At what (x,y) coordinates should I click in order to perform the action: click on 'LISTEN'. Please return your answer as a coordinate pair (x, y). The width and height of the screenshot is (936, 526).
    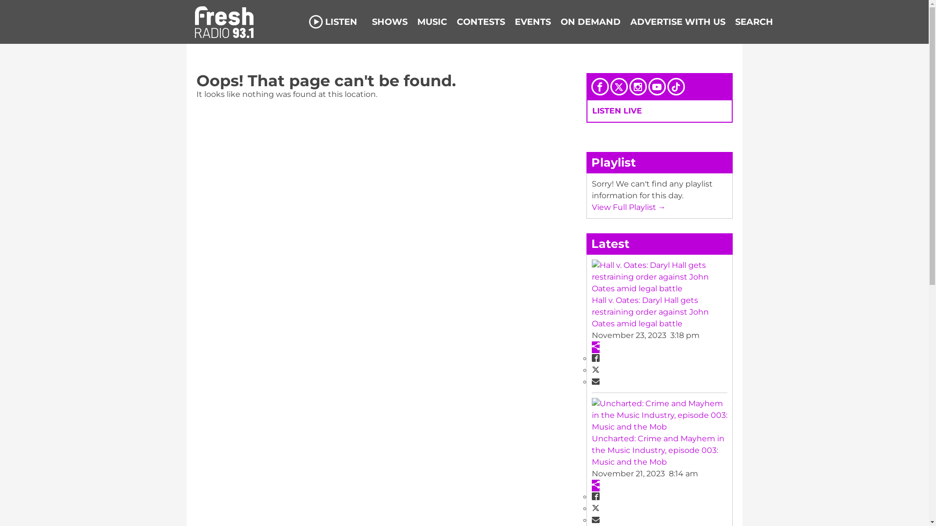
    Looking at the image, I should click on (299, 22).